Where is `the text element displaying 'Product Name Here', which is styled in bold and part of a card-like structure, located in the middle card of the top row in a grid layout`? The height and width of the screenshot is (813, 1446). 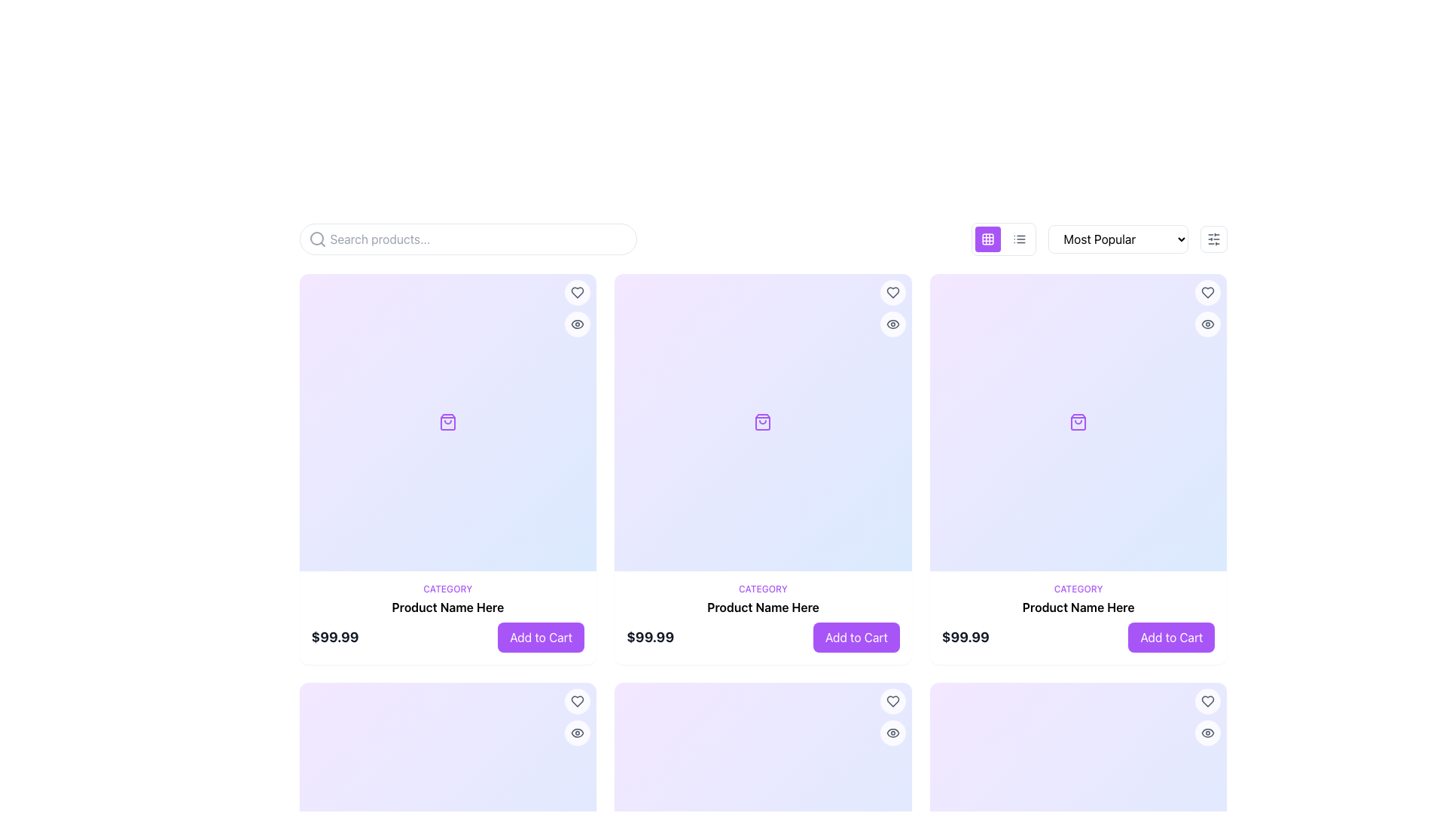 the text element displaying 'Product Name Here', which is styled in bold and part of a card-like structure, located in the middle card of the top row in a grid layout is located at coordinates (763, 606).